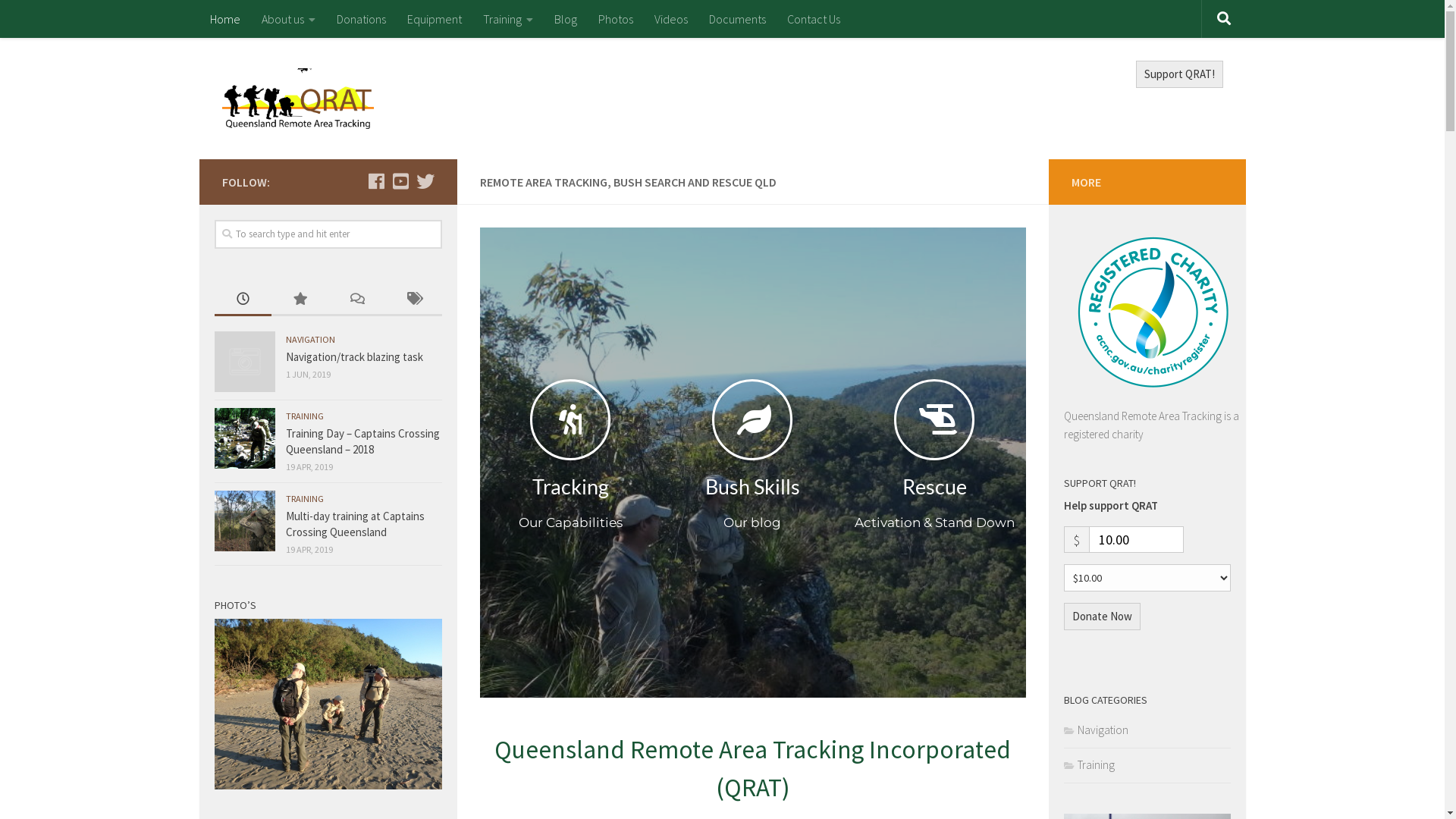 The image size is (1456, 819). Describe the element at coordinates (432, 18) in the screenshot. I see `'Equipment'` at that location.